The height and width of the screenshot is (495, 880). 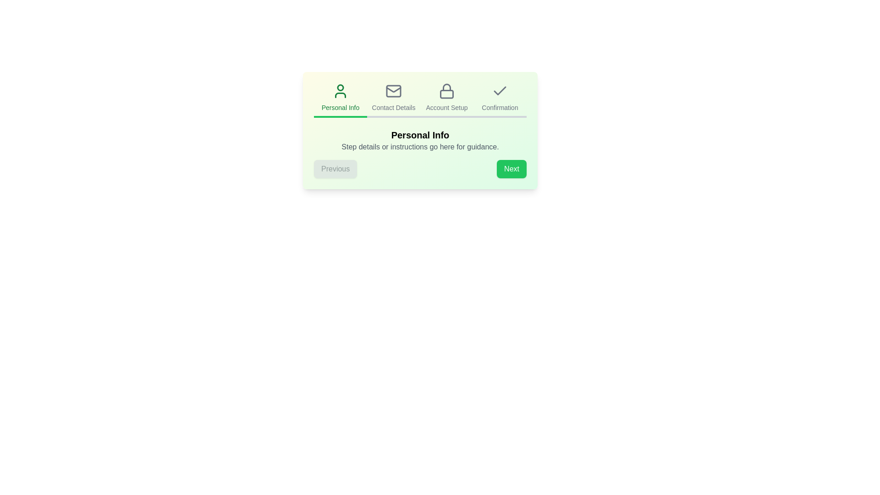 I want to click on the step icon or title corresponding to Confirmation, so click(x=499, y=100).